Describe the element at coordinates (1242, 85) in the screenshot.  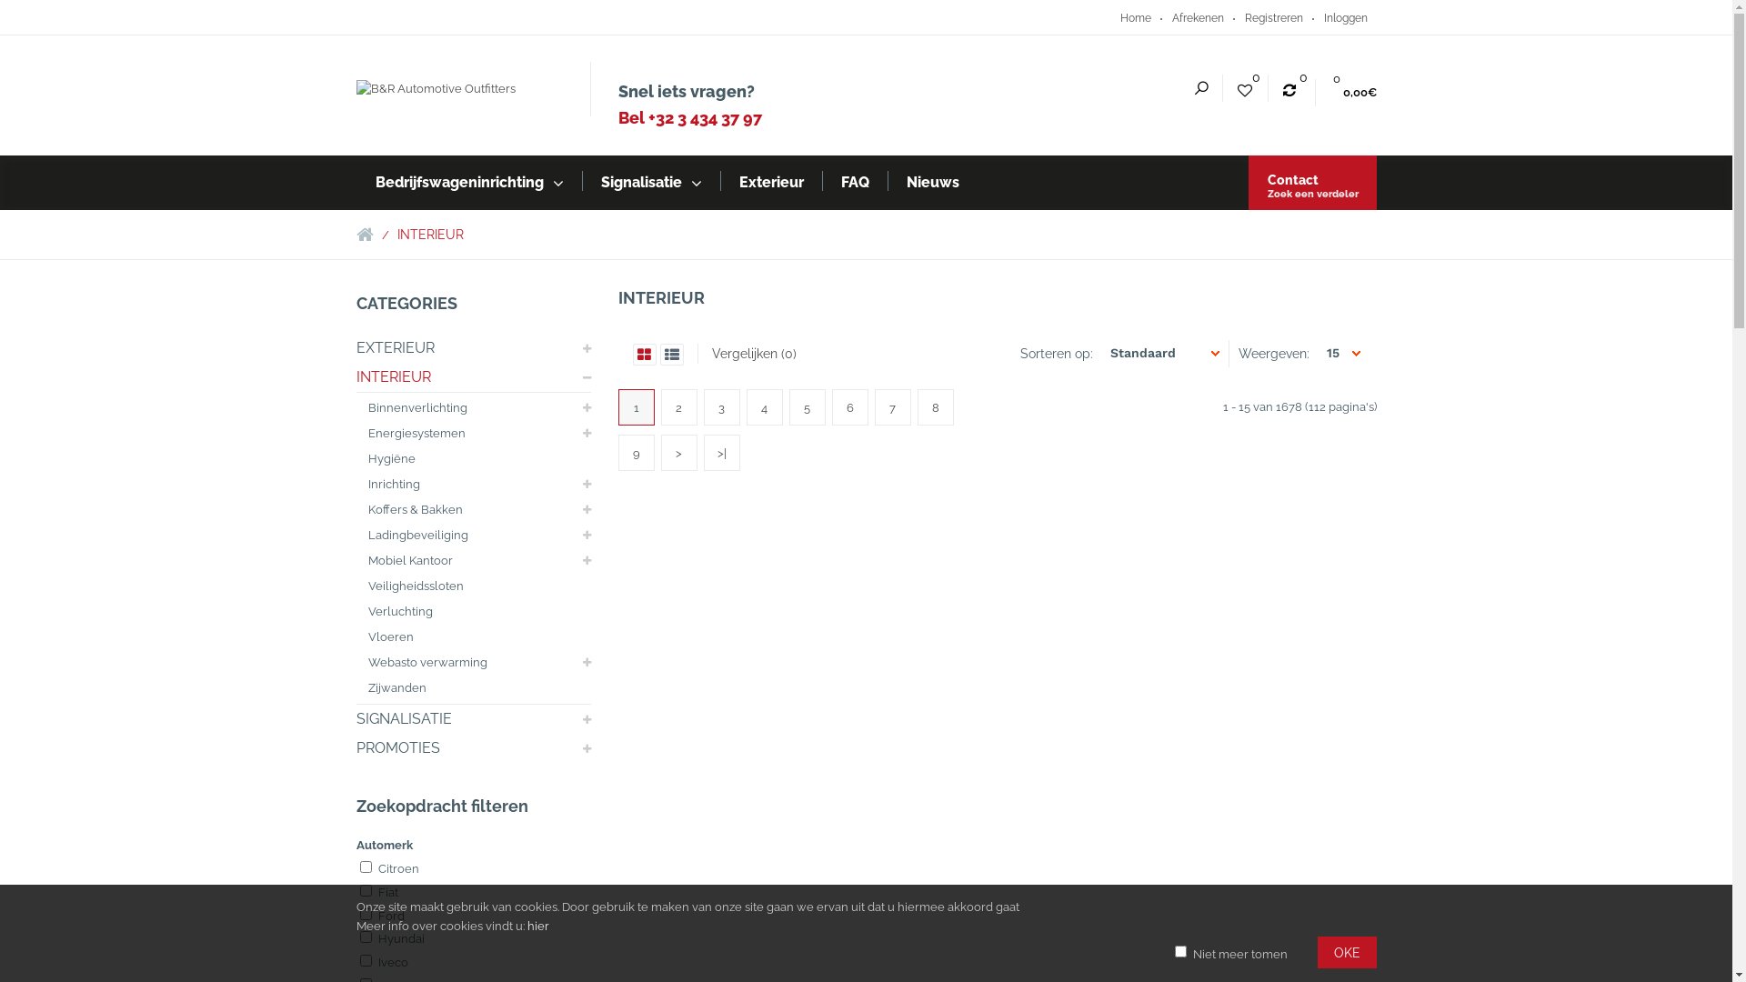
I see `'0'` at that location.